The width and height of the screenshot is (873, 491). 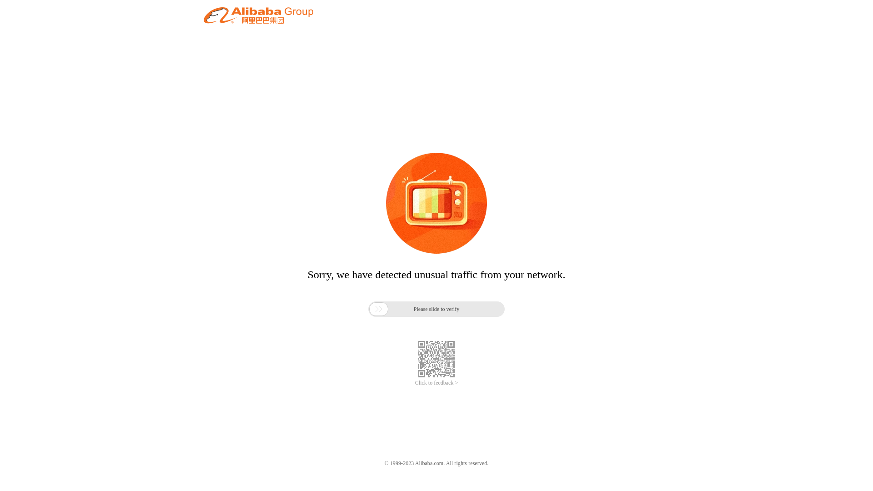 I want to click on 'Click to feedback >', so click(x=436, y=383).